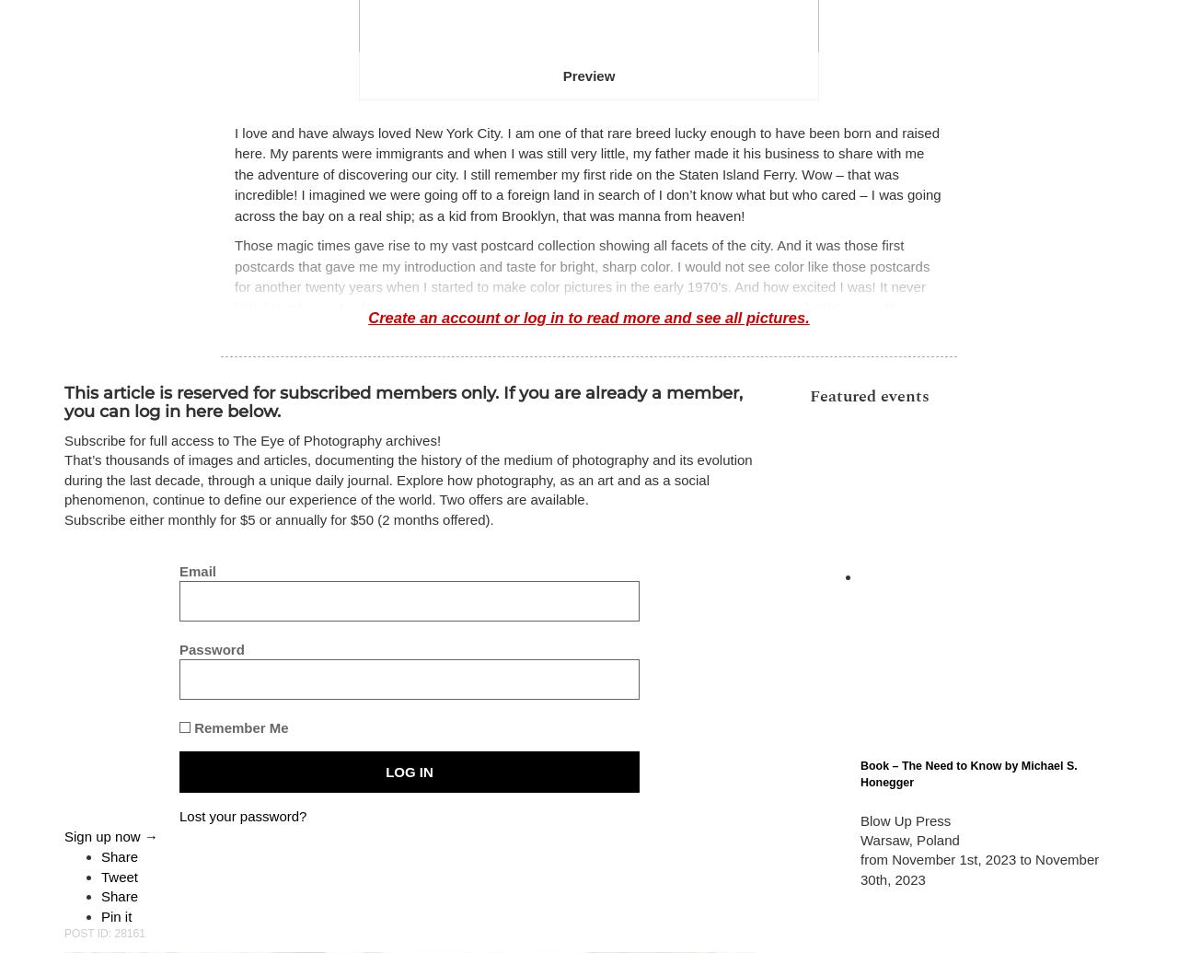 This screenshot has height=953, width=1178. I want to click on 'Pin it', so click(115, 914).